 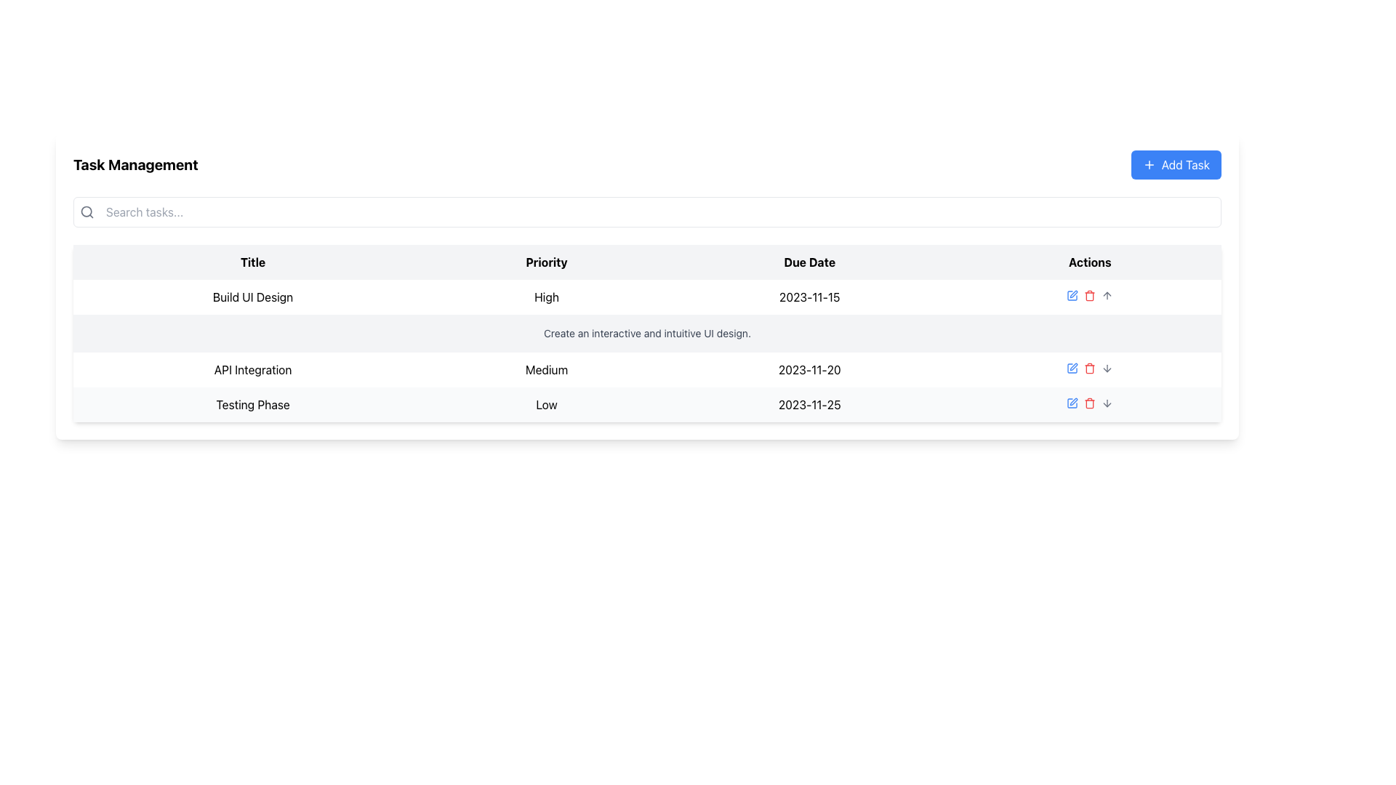 What do you see at coordinates (1185, 164) in the screenshot?
I see `text label that indicates the function of the 'Add Task' button located in the top-right corner of the layout` at bounding box center [1185, 164].